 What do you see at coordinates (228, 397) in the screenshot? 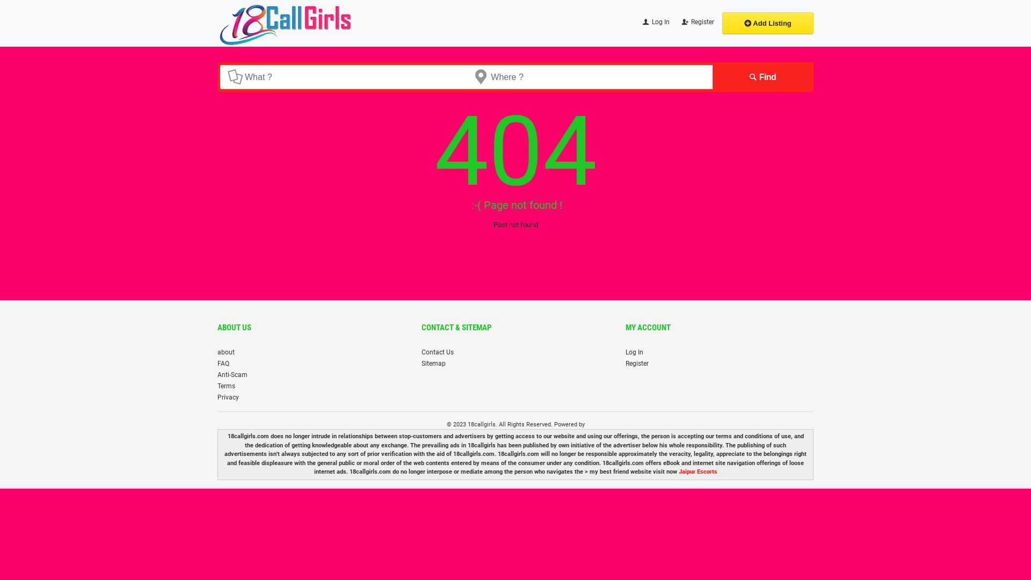
I see `'Privacy'` at bounding box center [228, 397].